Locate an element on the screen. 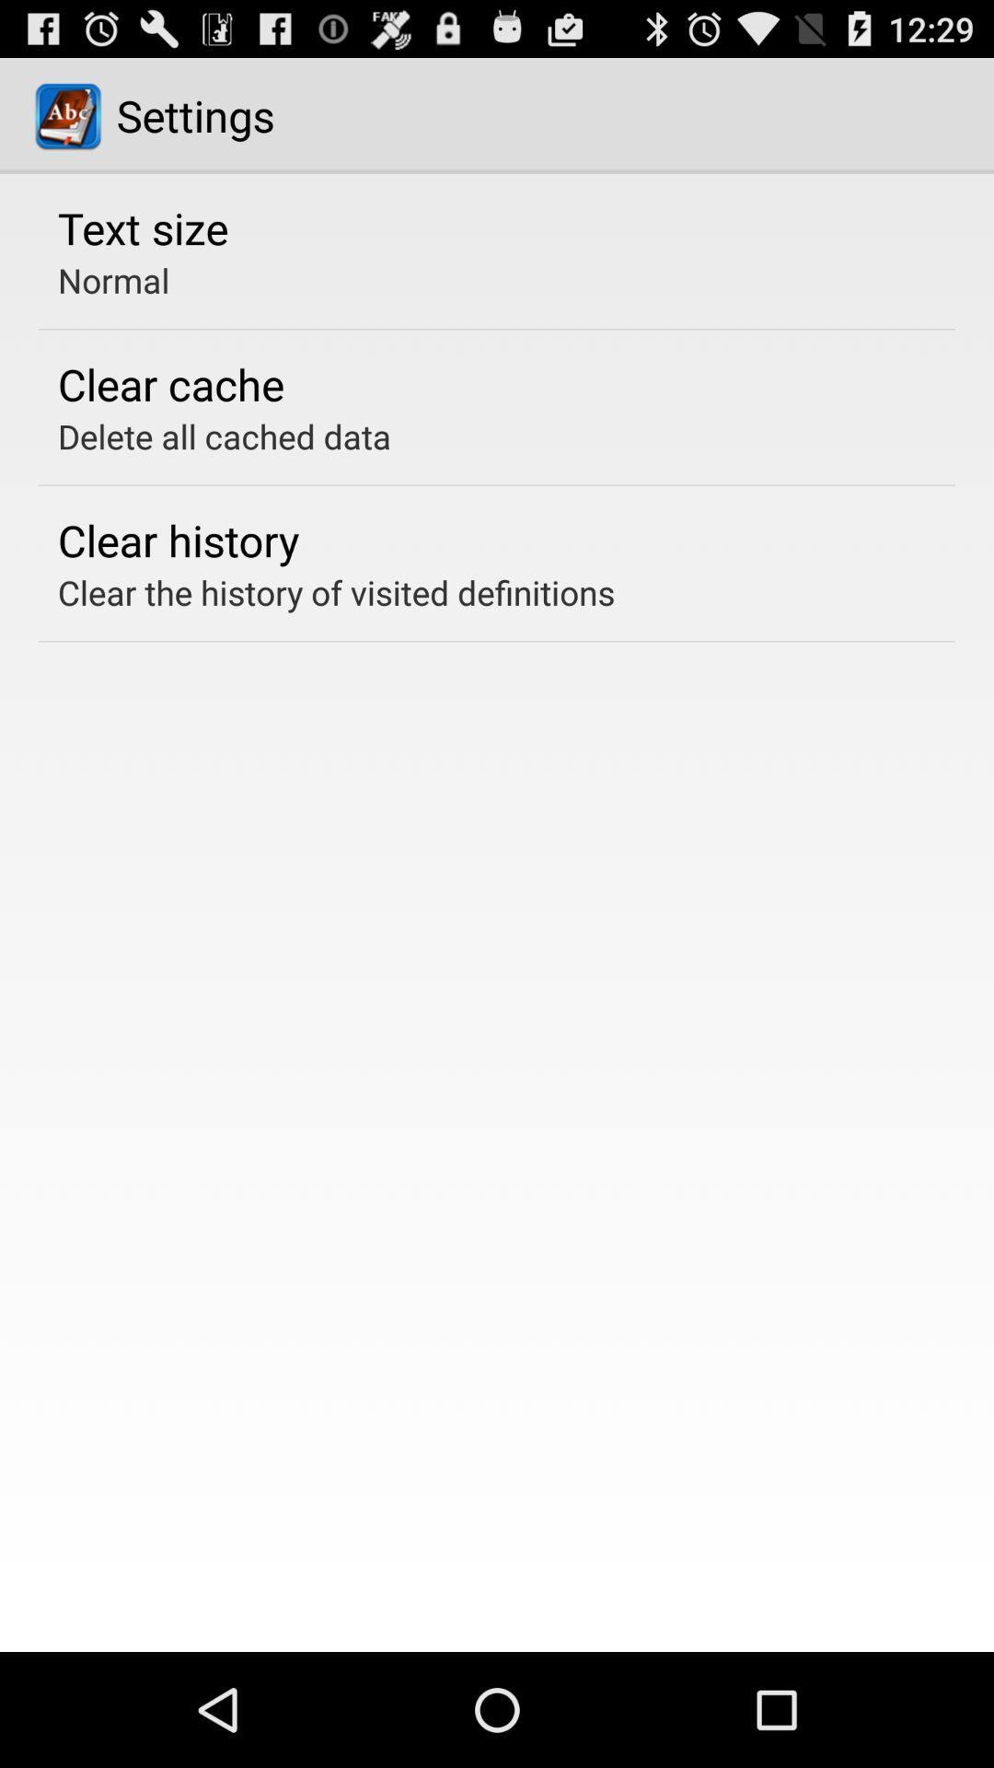 The image size is (994, 1768). icon above the clear cache icon is located at coordinates (113, 279).